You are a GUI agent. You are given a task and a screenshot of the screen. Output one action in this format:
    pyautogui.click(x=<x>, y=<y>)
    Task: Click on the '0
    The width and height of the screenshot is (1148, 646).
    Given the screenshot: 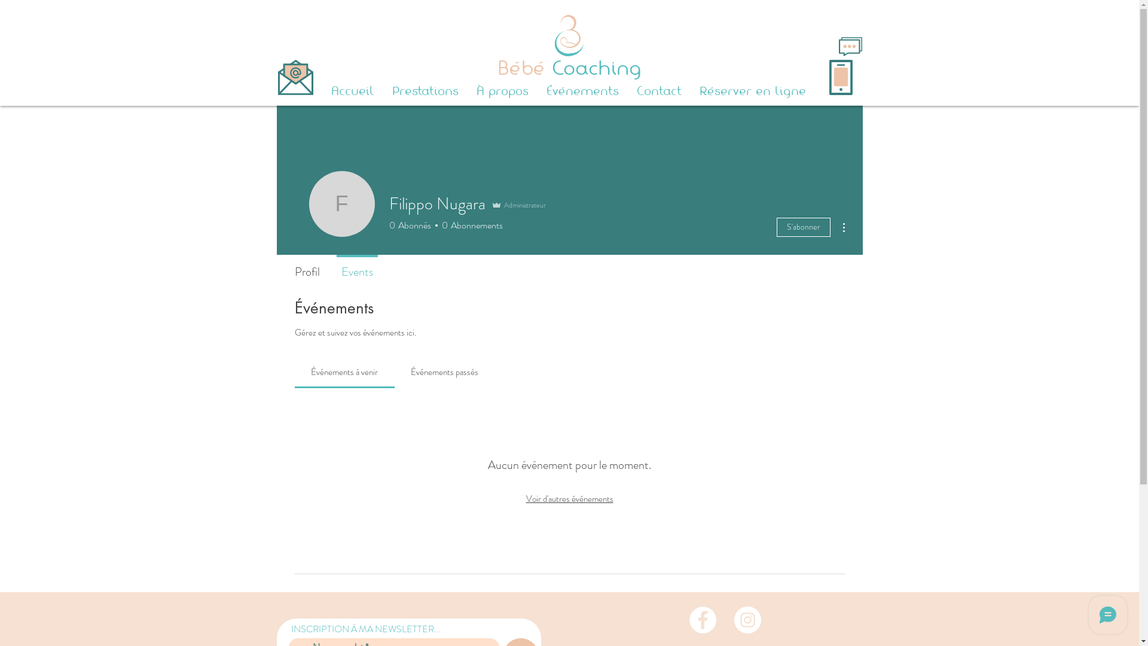 What is the action you would take?
    pyautogui.click(x=436, y=226)
    